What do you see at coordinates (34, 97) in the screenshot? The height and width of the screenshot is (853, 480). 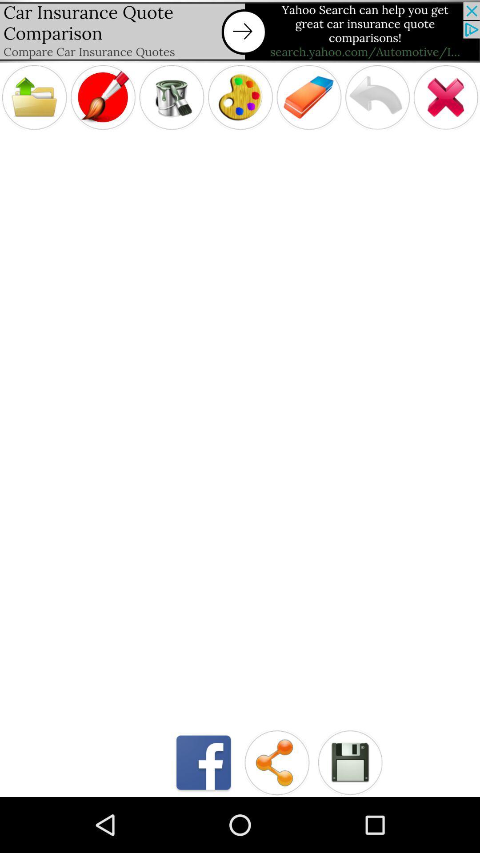 I see `the menu bar` at bounding box center [34, 97].